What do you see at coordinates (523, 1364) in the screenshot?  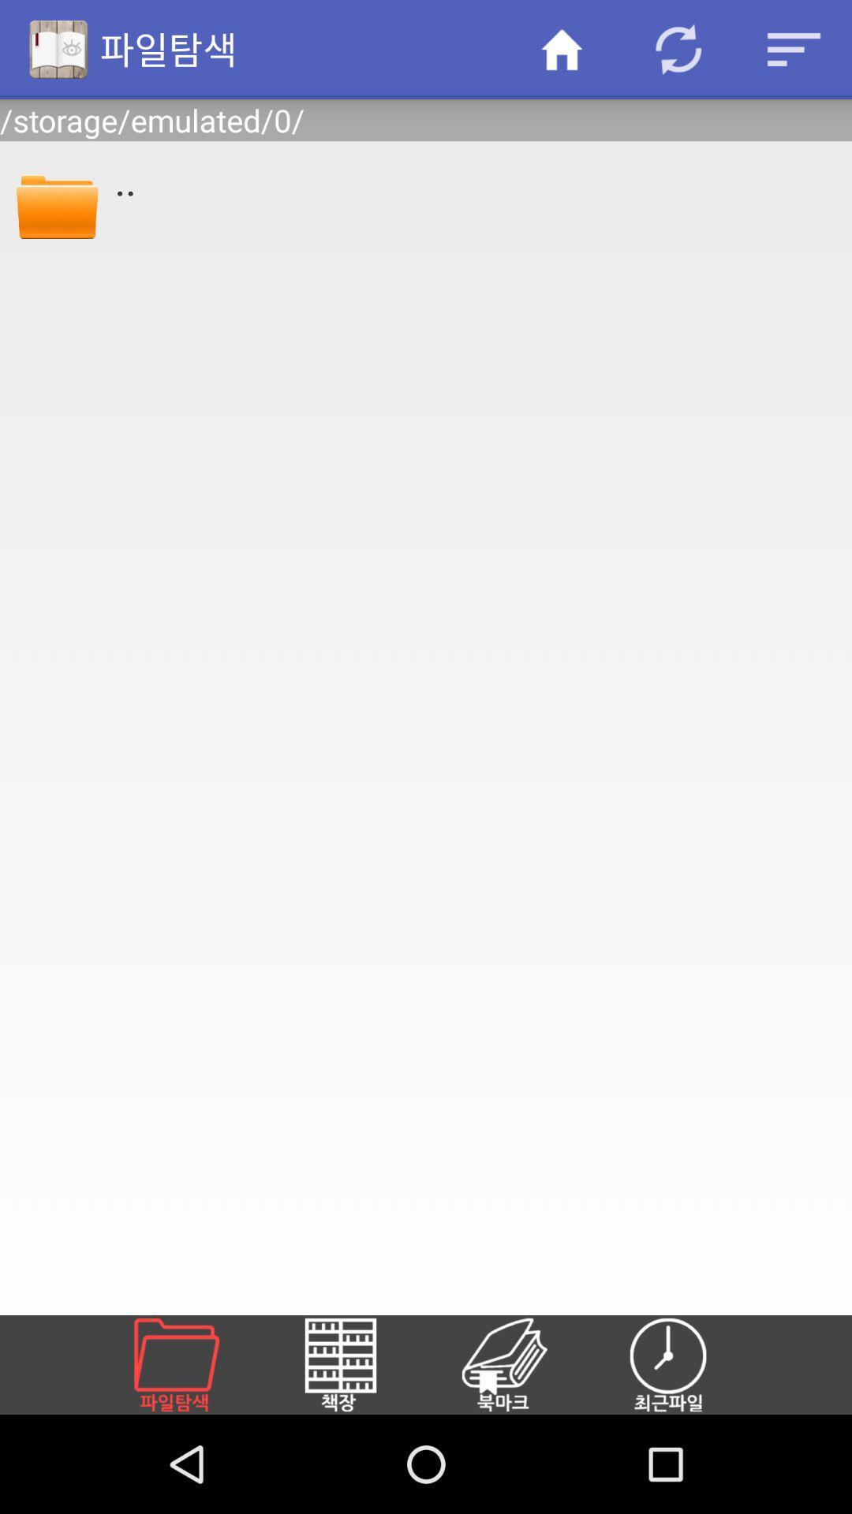 I see `bookmarks` at bounding box center [523, 1364].